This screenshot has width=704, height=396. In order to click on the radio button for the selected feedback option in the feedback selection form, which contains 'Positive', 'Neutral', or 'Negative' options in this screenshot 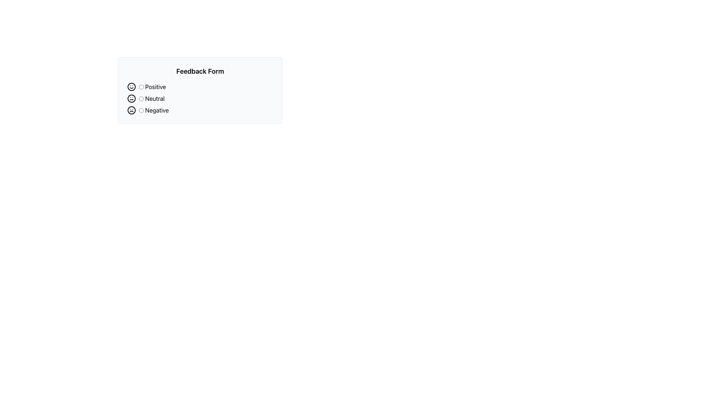, I will do `click(200, 90)`.